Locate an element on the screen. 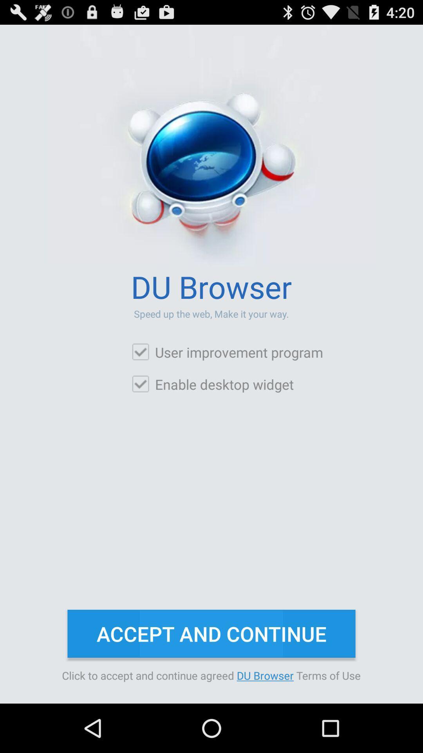  the enable desktop widget checkbox is located at coordinates (212, 384).